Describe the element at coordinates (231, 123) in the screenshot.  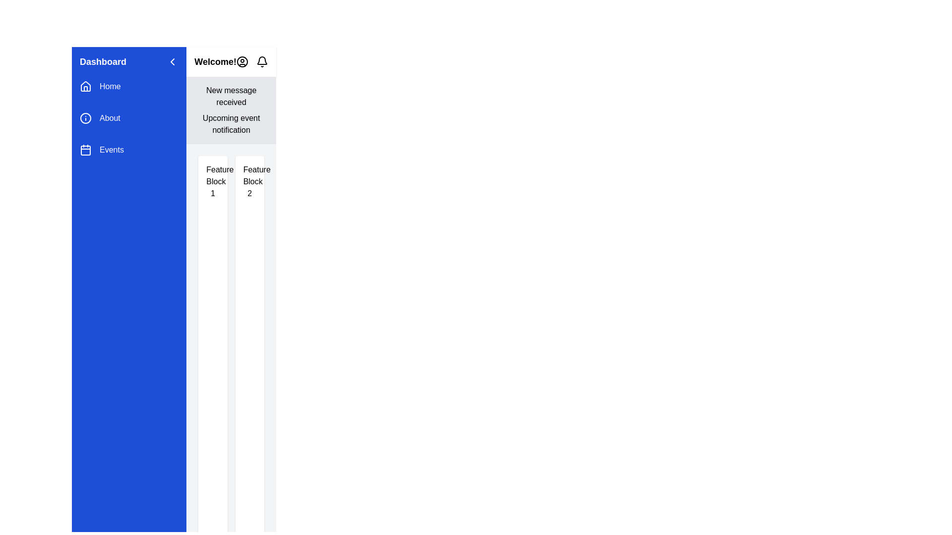
I see `the static text label that provides a notification about an upcoming event, located underneath 'New message received' in the right-hand content section` at that location.